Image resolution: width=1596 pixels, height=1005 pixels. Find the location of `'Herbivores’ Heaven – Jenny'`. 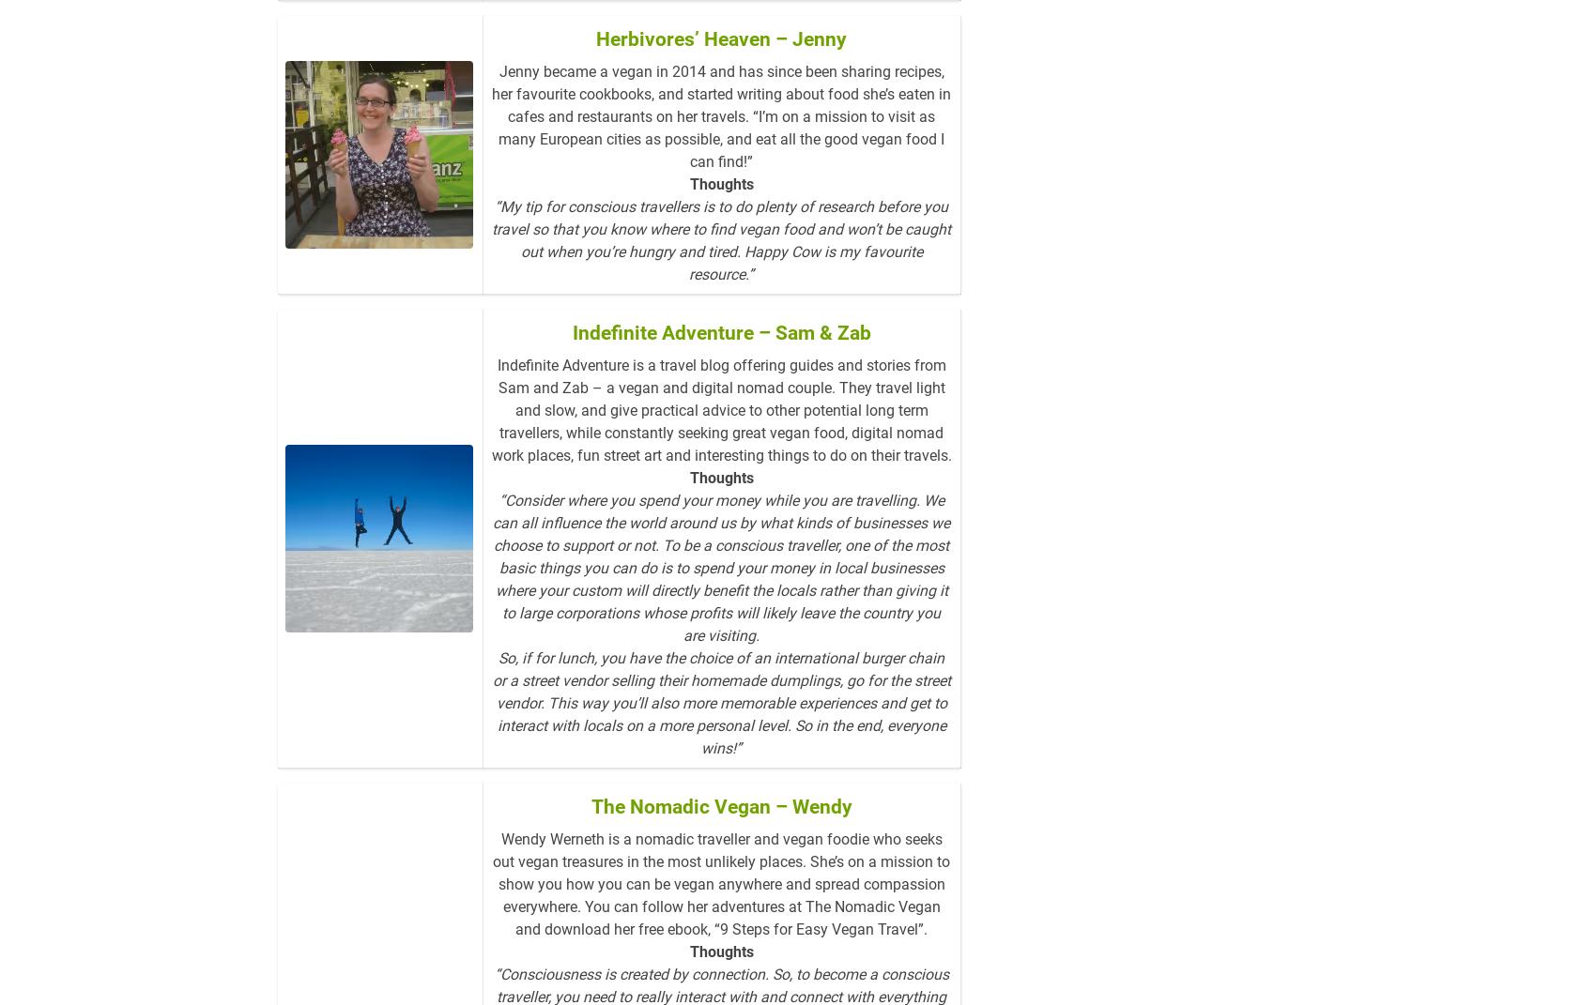

'Herbivores’ Heaven – Jenny' is located at coordinates (720, 68).